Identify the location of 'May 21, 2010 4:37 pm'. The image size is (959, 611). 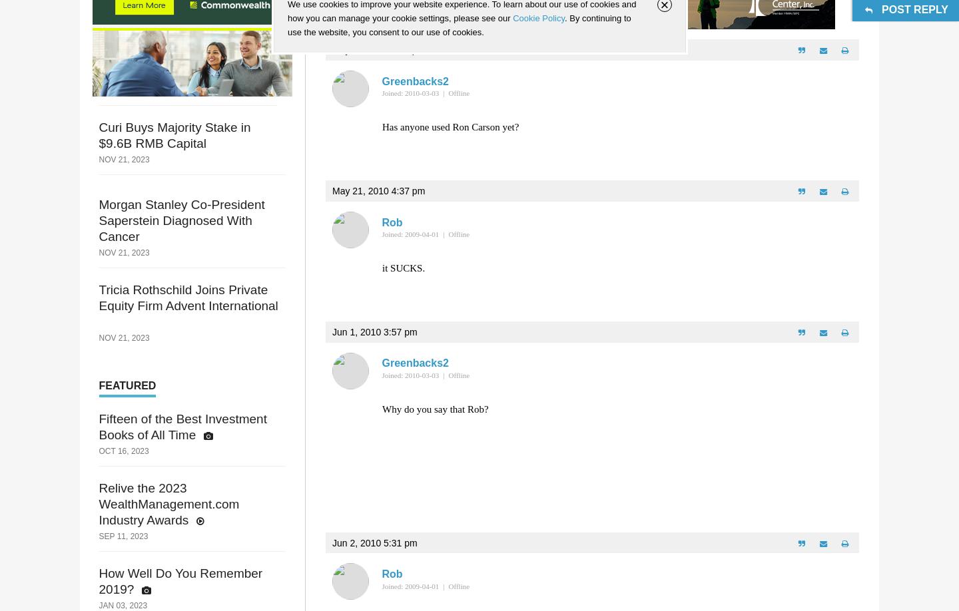
(378, 190).